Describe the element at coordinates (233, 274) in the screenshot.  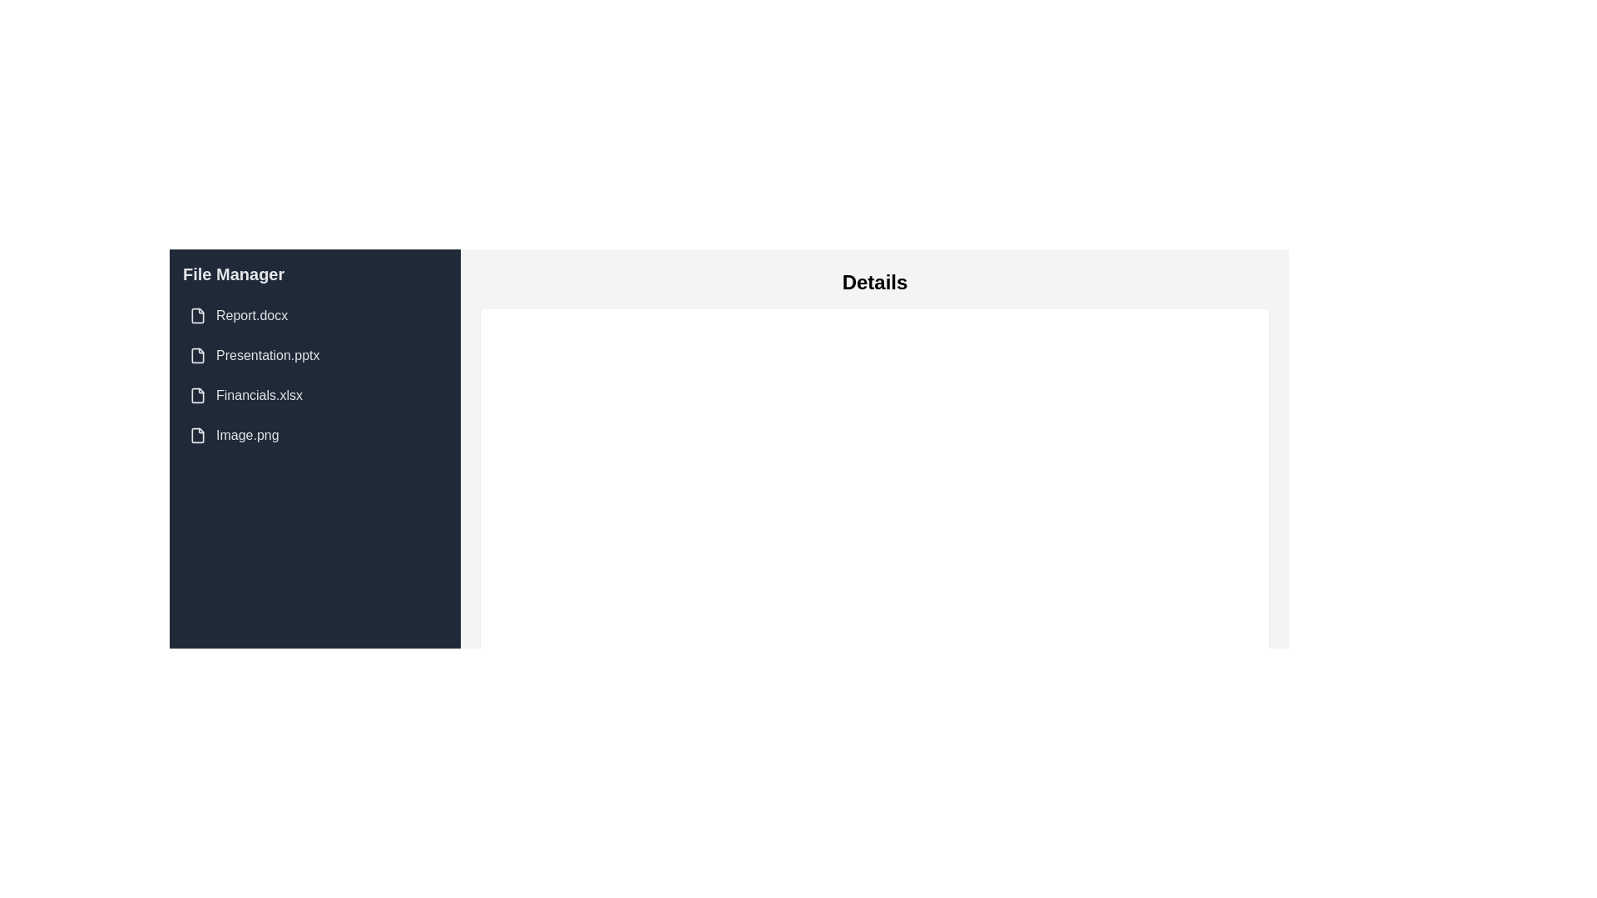
I see `the Text Label that serves as the header for the sidebar, indicating the context of managing files` at that location.